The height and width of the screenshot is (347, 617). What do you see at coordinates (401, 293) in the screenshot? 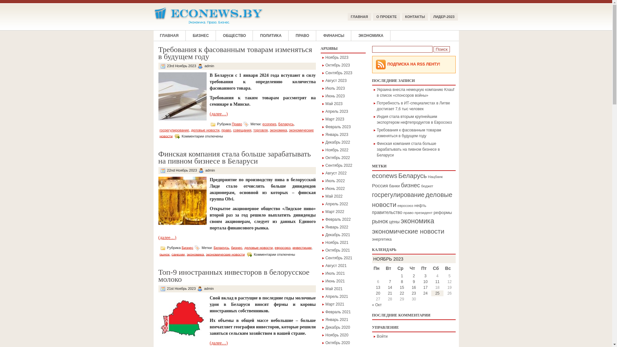
I see `'22'` at bounding box center [401, 293].